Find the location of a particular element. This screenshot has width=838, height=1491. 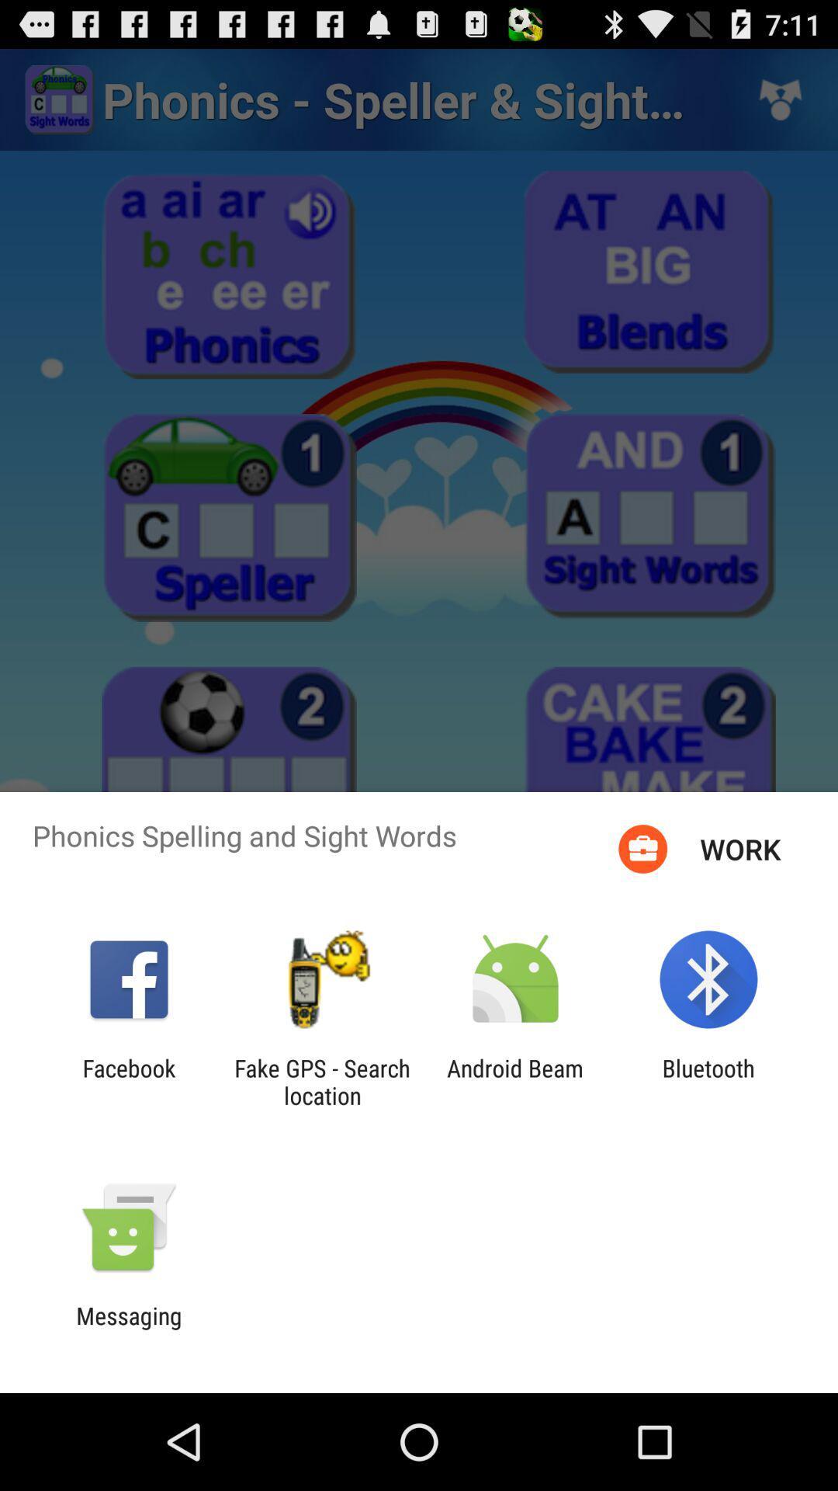

the item to the right of the facebook app is located at coordinates (321, 1081).